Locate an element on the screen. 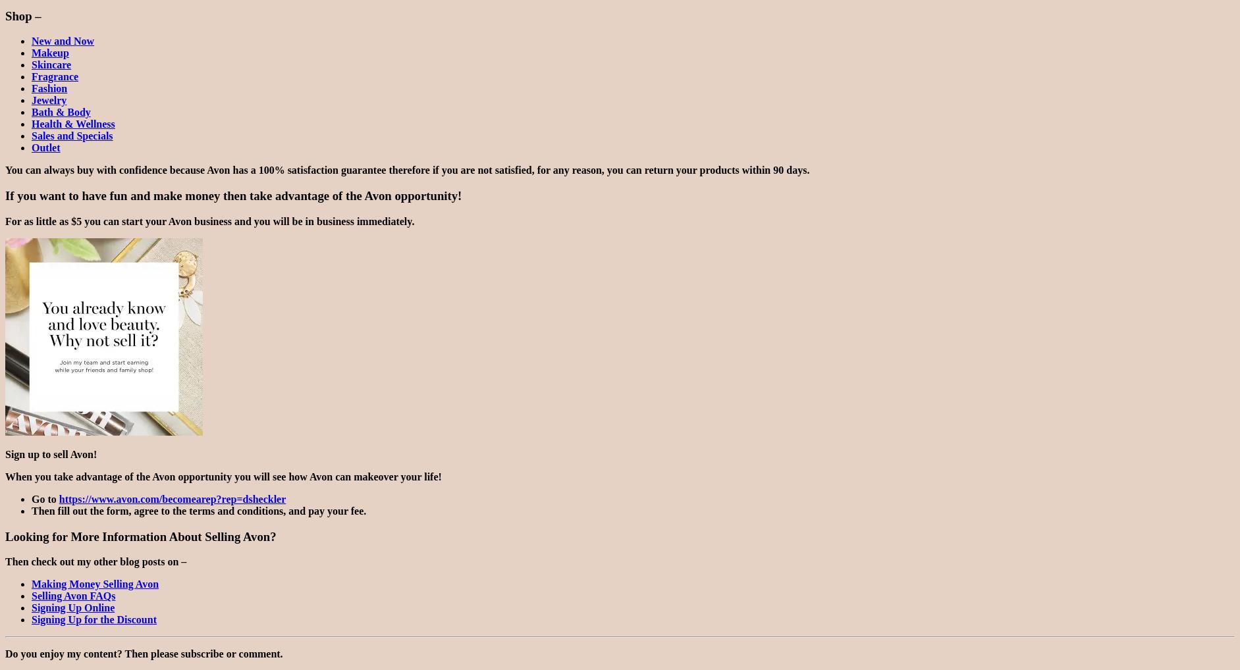  'Go to' is located at coordinates (44, 498).